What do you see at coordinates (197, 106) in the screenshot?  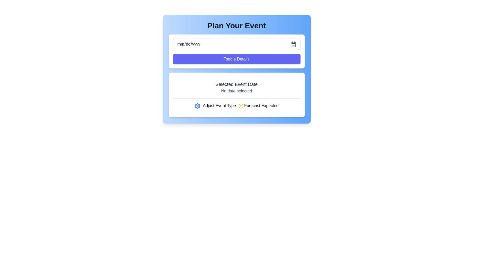 I see `the gear icon located in the bottom section of the card layout for accessibility navigation` at bounding box center [197, 106].